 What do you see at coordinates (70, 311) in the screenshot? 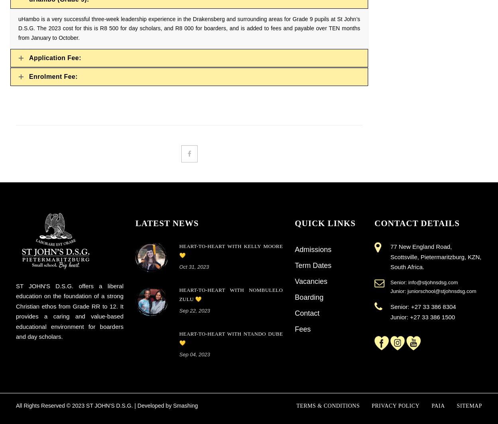
I see `'ST JOHN'S D.S.G. offers a liberal education on the foundation of a strong Christian ethos from Grade RR to 12. It provides a caring and value-based educational environment for boarders and day scholars.'` at bounding box center [70, 311].